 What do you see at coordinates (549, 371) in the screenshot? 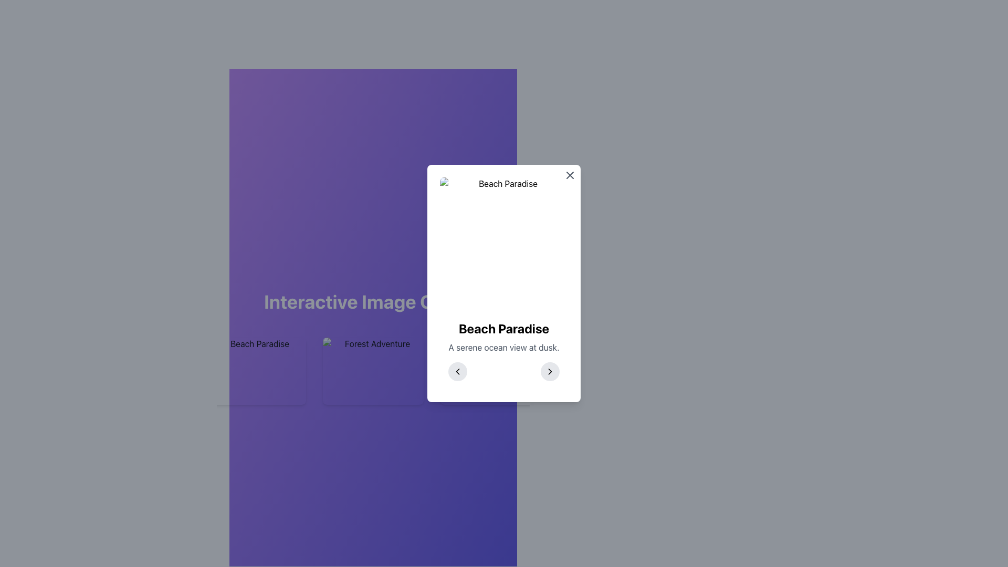
I see `the navigation icon located in the bottom-right circular button of the 'Beach Paradise' white card popup` at bounding box center [549, 371].